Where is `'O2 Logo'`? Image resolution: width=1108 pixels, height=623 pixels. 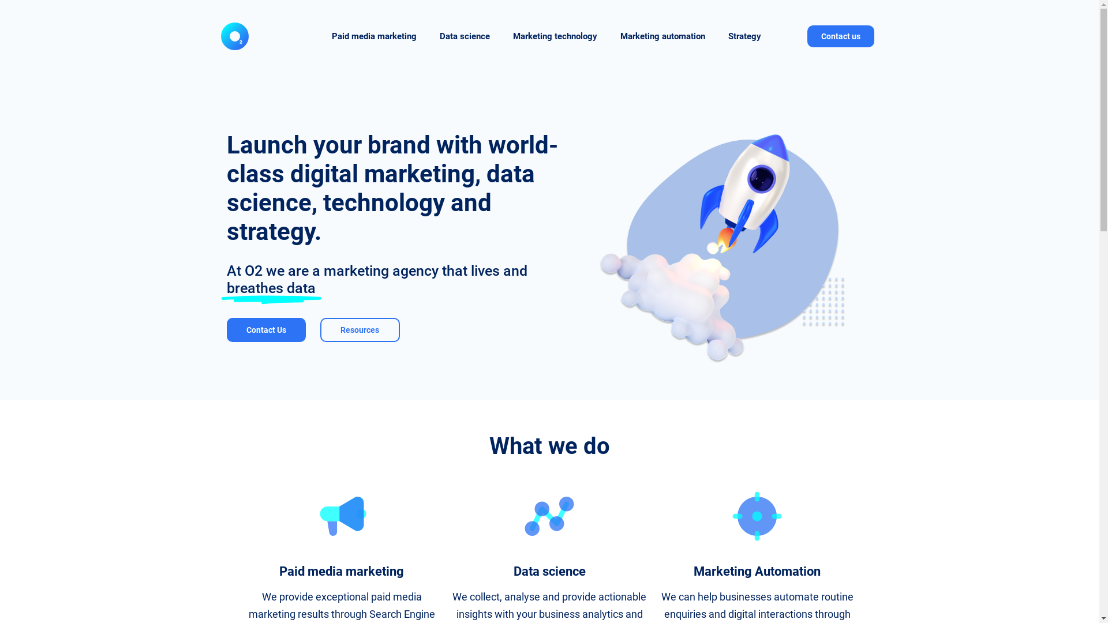
'O2 Logo' is located at coordinates (220, 35).